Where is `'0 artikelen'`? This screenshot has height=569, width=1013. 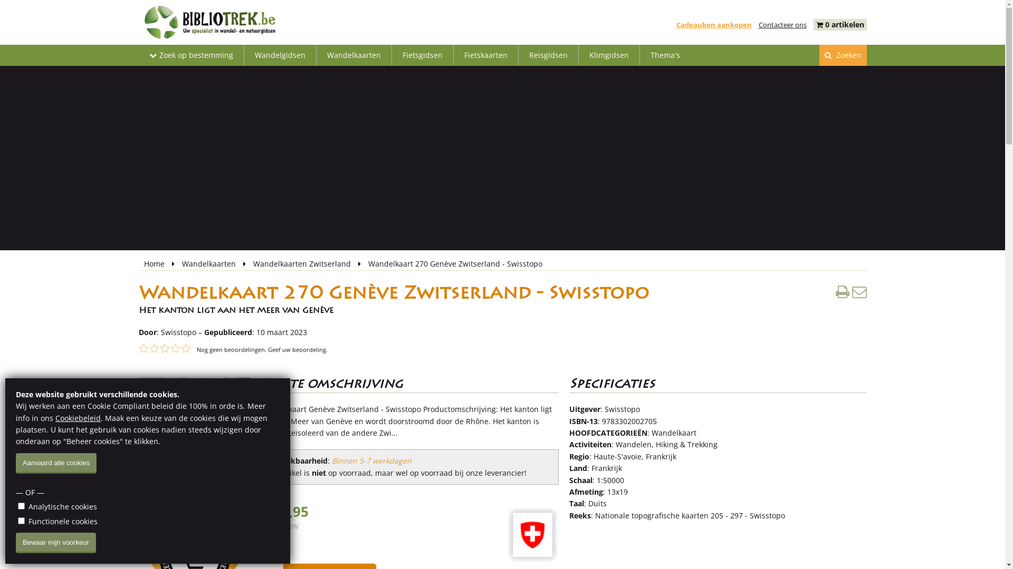 '0 artikelen' is located at coordinates (845, 24).